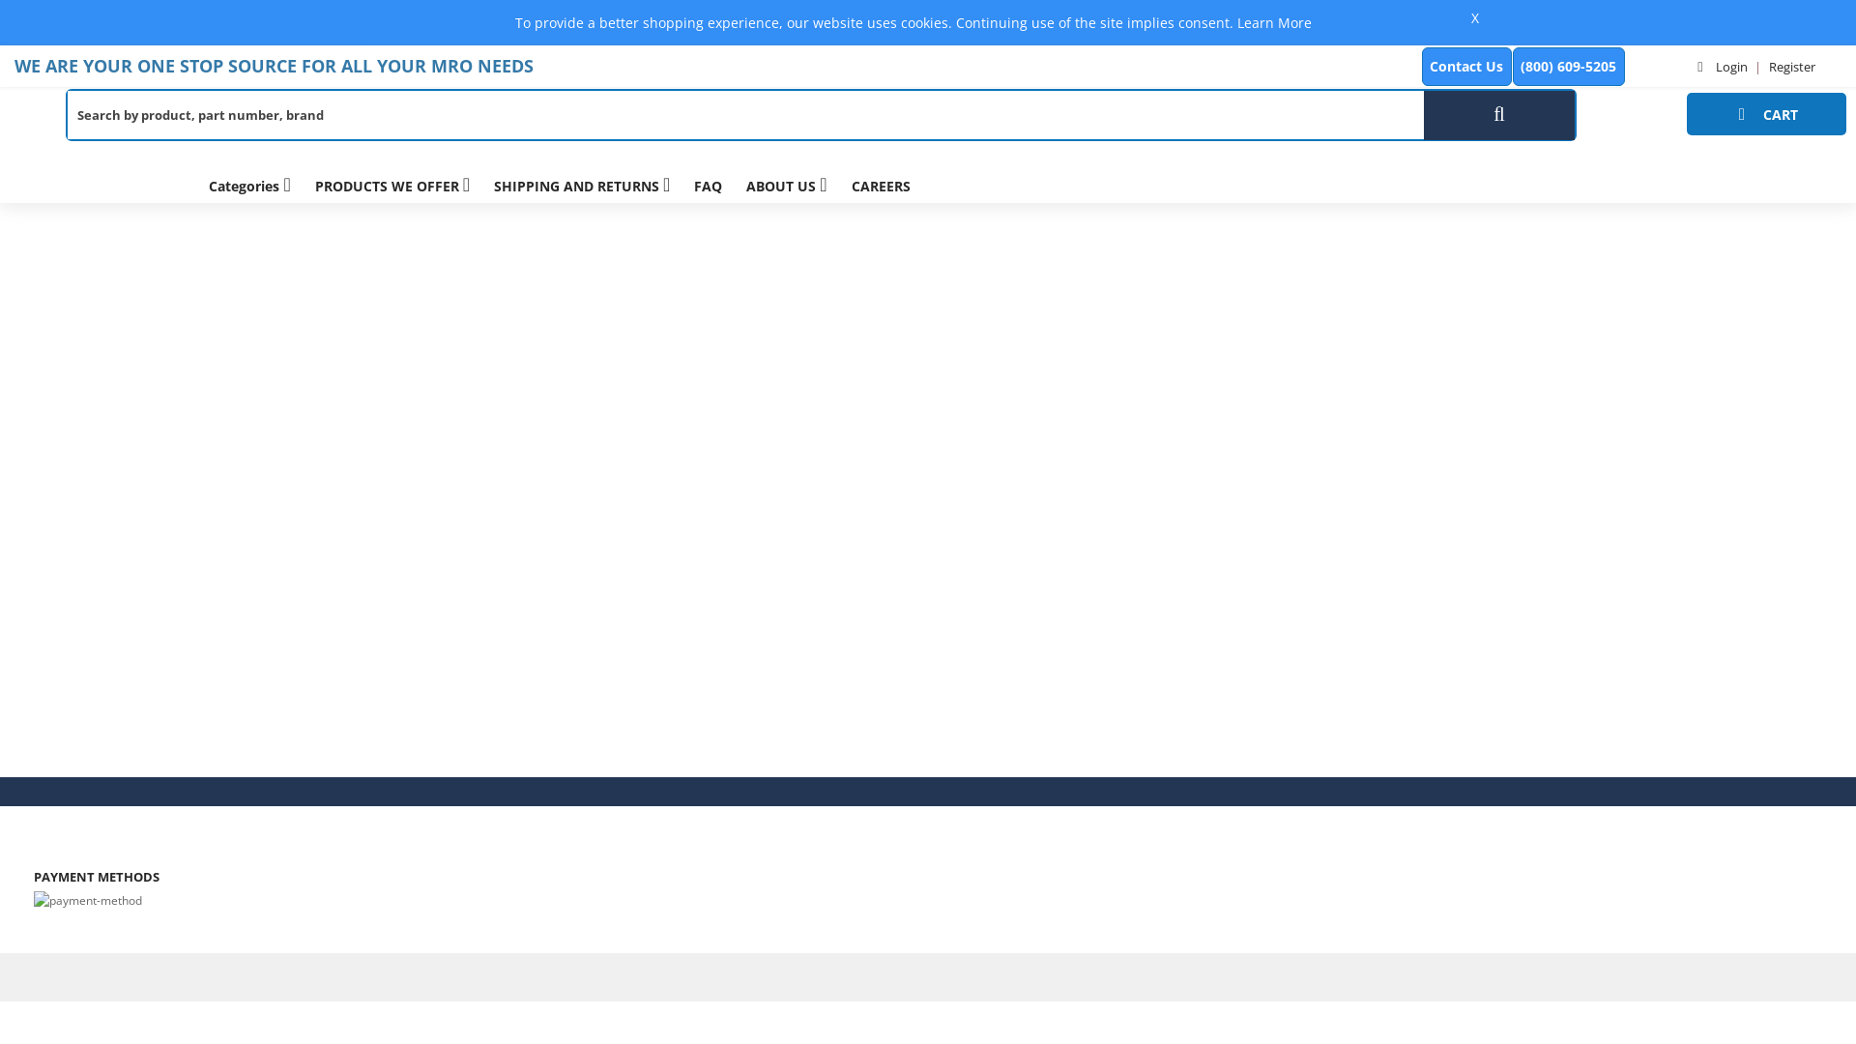  Describe the element at coordinates (1423, 65) in the screenshot. I see `'Contact Us'` at that location.